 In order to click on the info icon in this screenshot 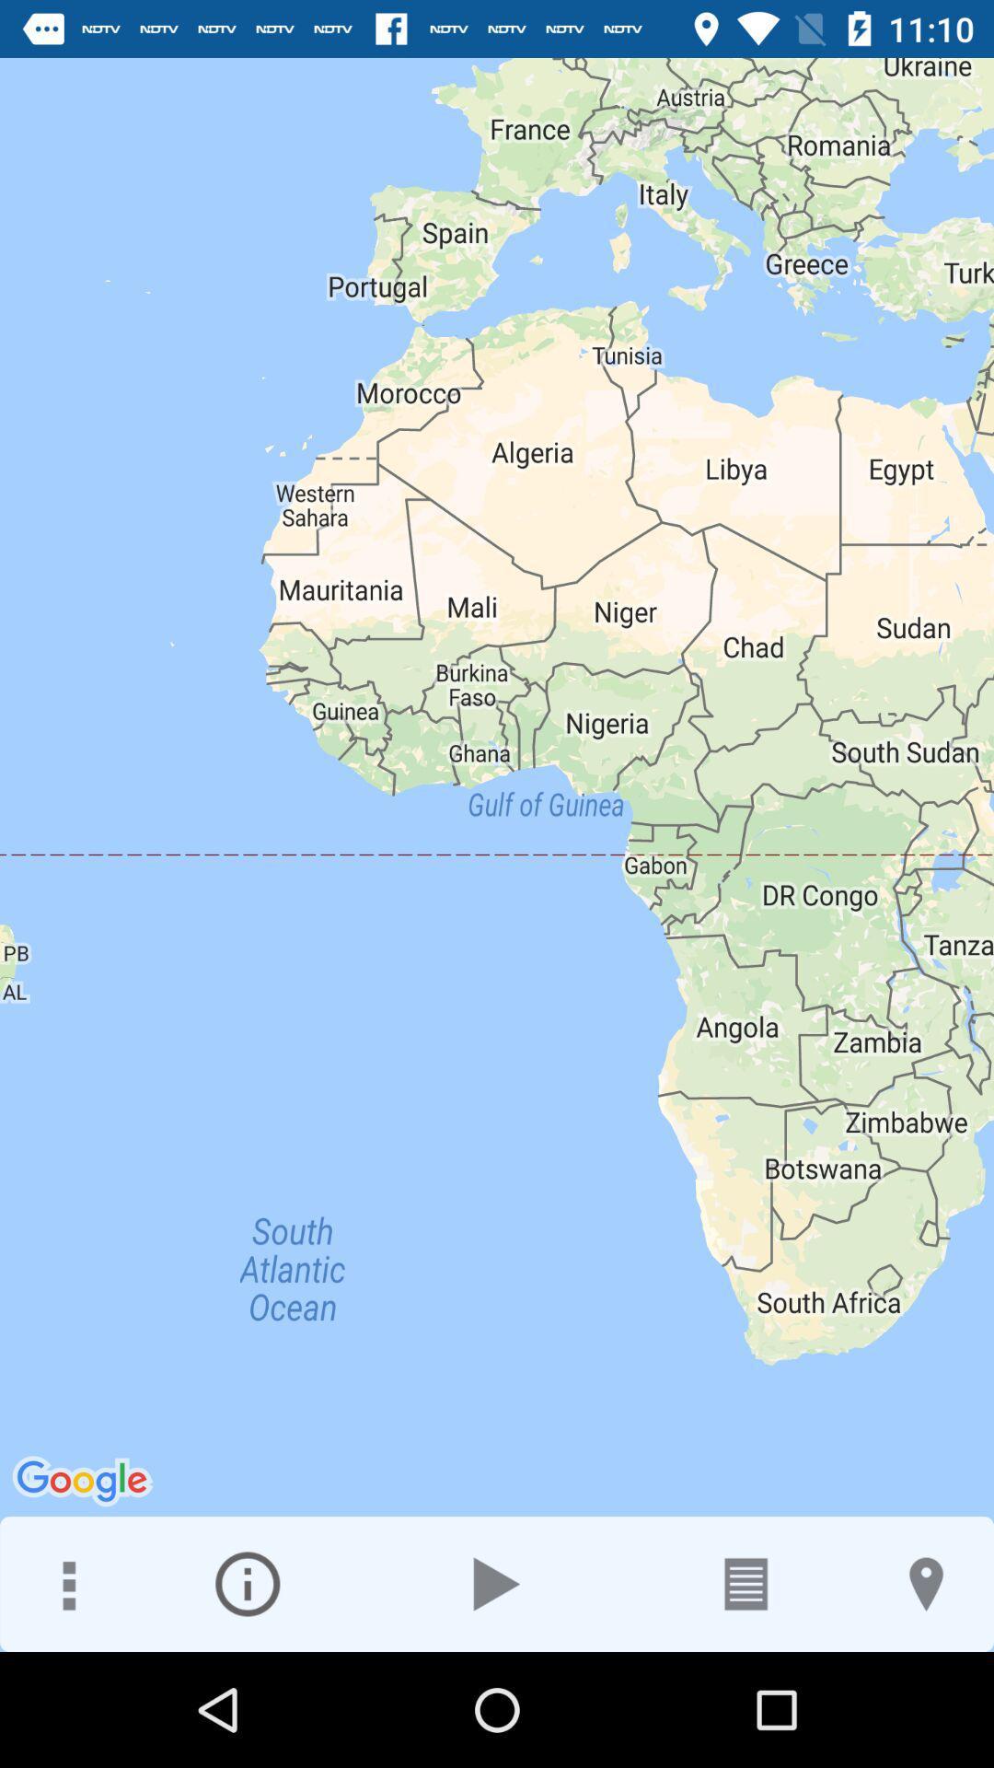, I will do `click(247, 1583)`.